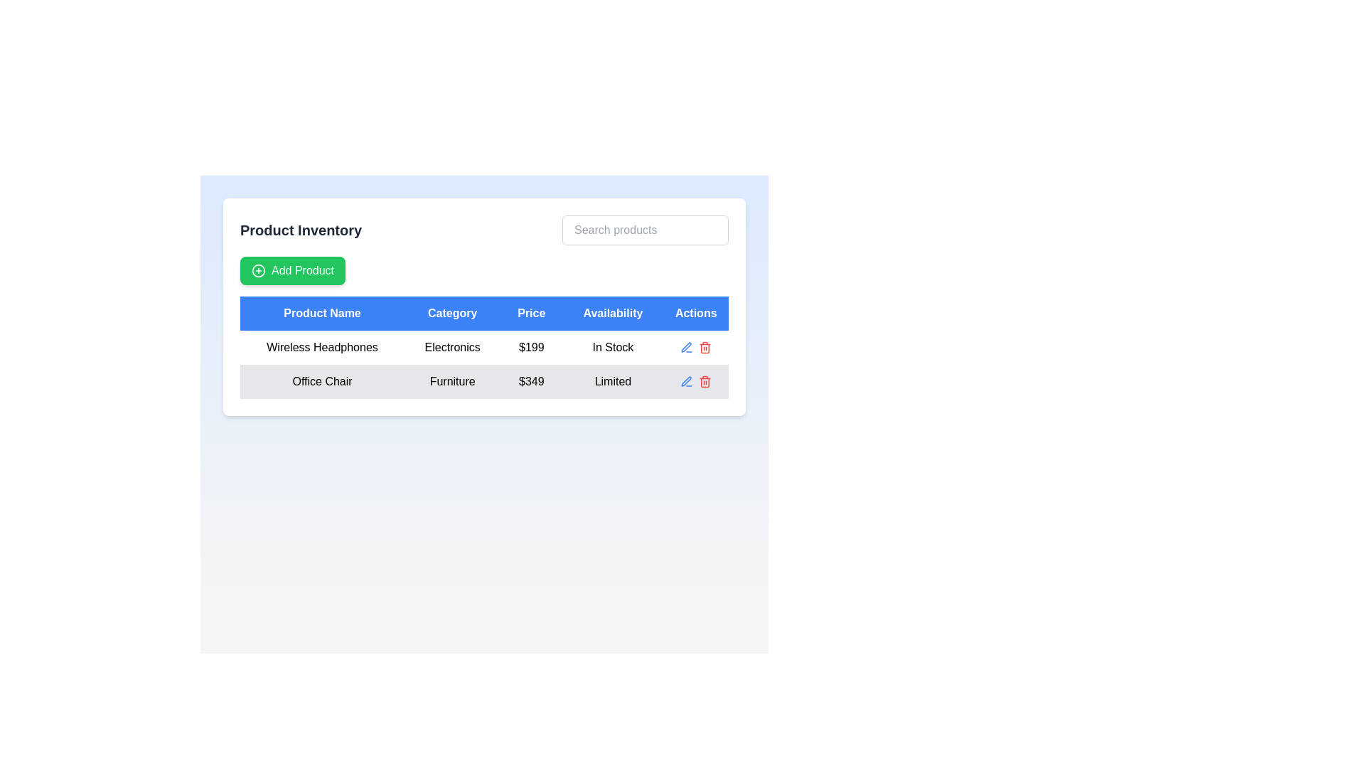 This screenshot has height=768, width=1365. What do you see at coordinates (705, 380) in the screenshot?
I see `the delete icon in the 'Actions' column for the 'Office Chair' entry` at bounding box center [705, 380].